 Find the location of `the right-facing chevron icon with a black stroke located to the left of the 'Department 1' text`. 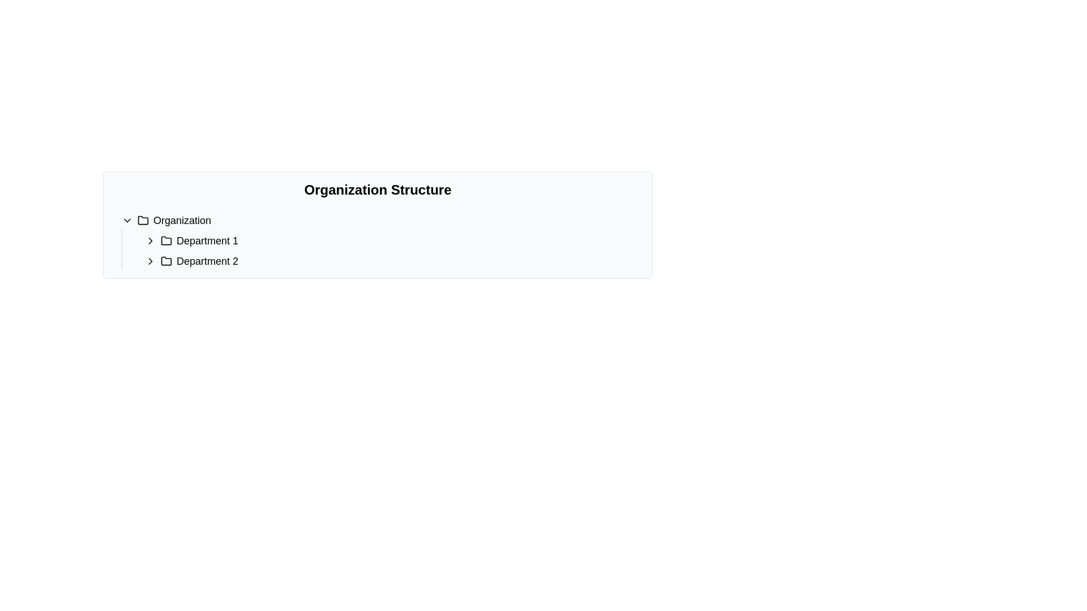

the right-facing chevron icon with a black stroke located to the left of the 'Department 1' text is located at coordinates (149, 240).